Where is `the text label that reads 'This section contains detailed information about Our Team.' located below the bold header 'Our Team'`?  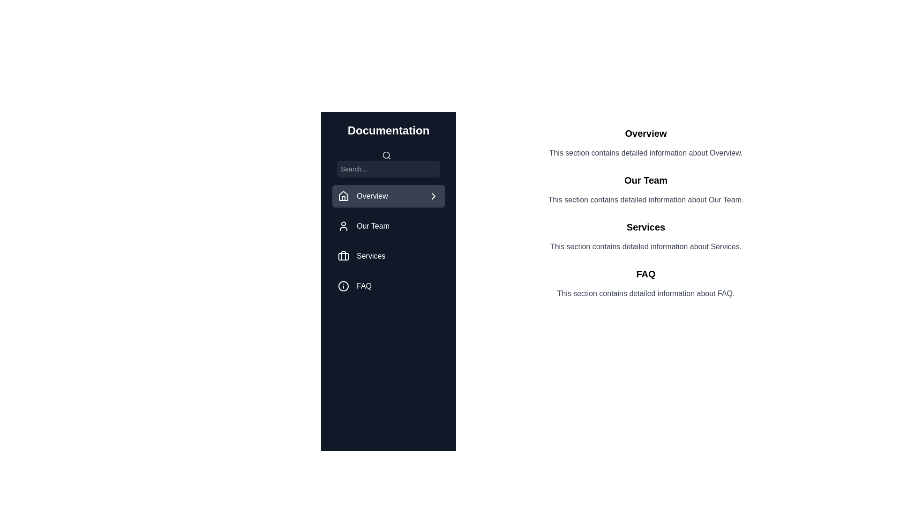
the text label that reads 'This section contains detailed information about Our Team.' located below the bold header 'Our Team' is located at coordinates (645, 200).